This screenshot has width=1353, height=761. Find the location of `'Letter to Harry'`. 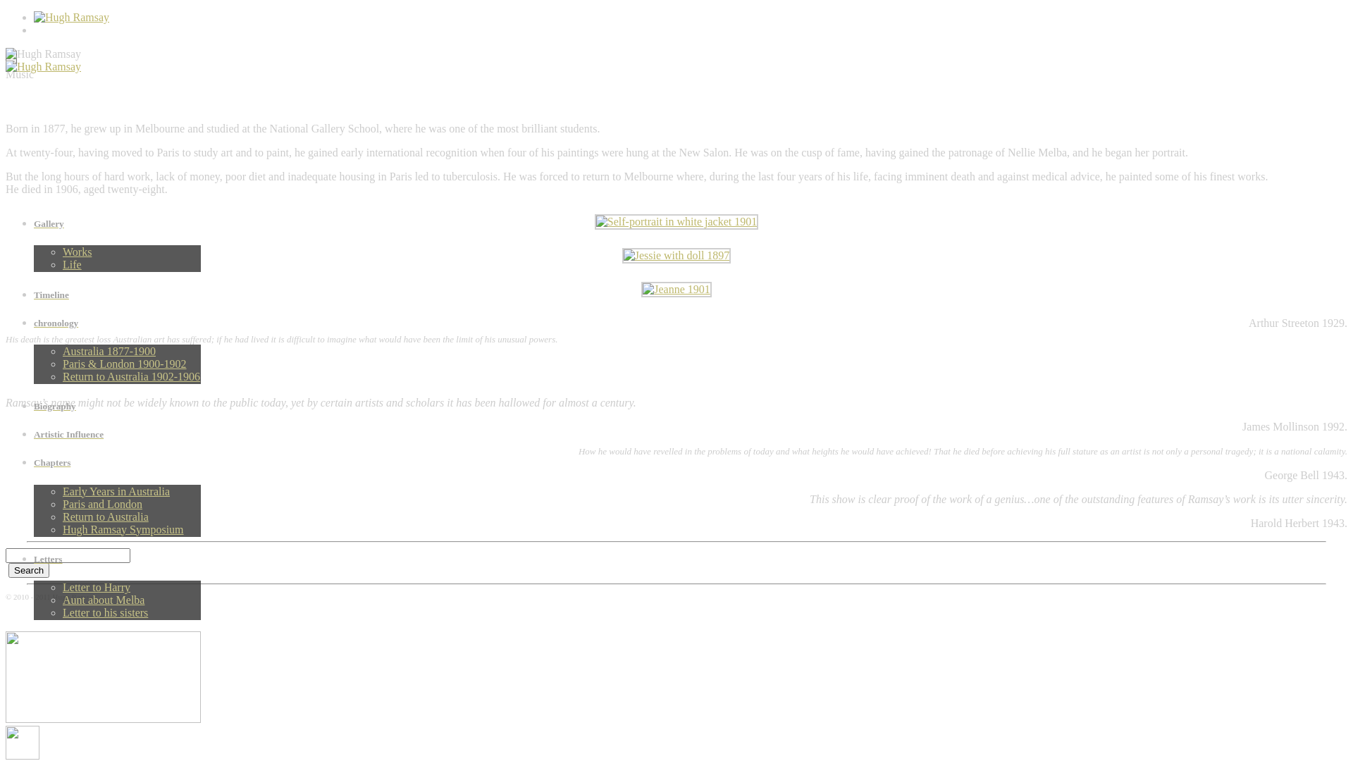

'Letter to Harry' is located at coordinates (96, 587).